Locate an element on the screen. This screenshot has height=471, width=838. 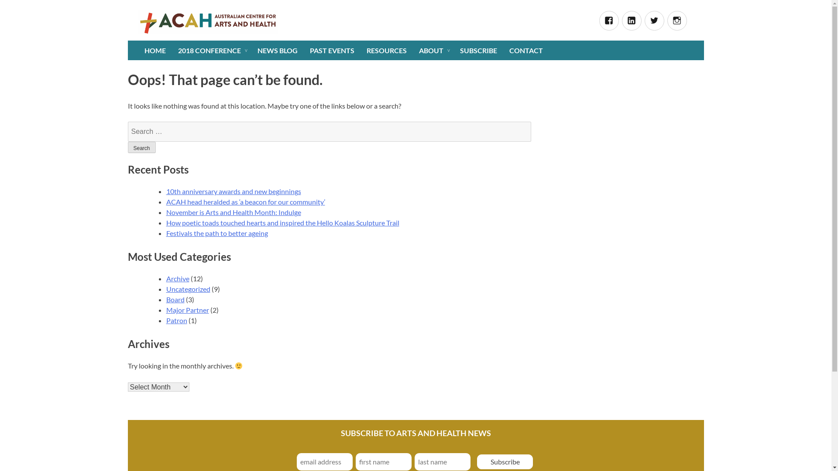
'Instagram' is located at coordinates (666, 20).